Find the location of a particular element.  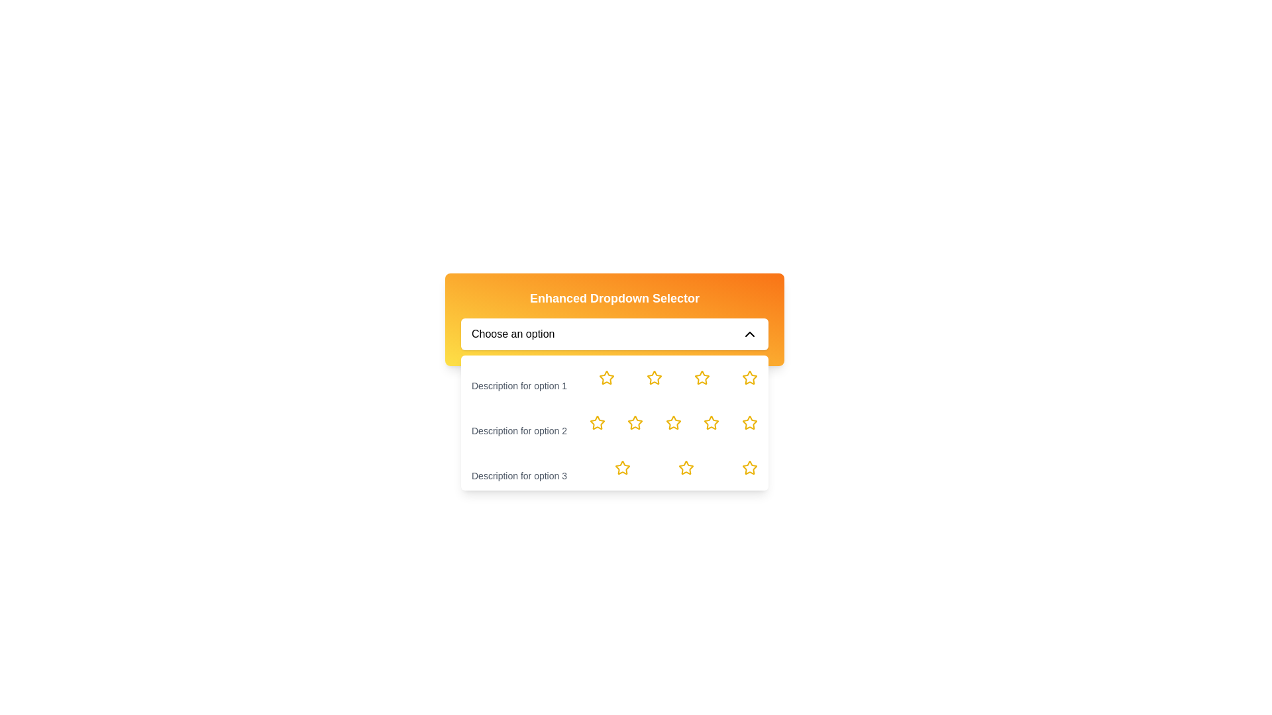

the first star icon in the row of five stars located under the 'Description for option 2' text in the dropdown menu is located at coordinates (596, 423).